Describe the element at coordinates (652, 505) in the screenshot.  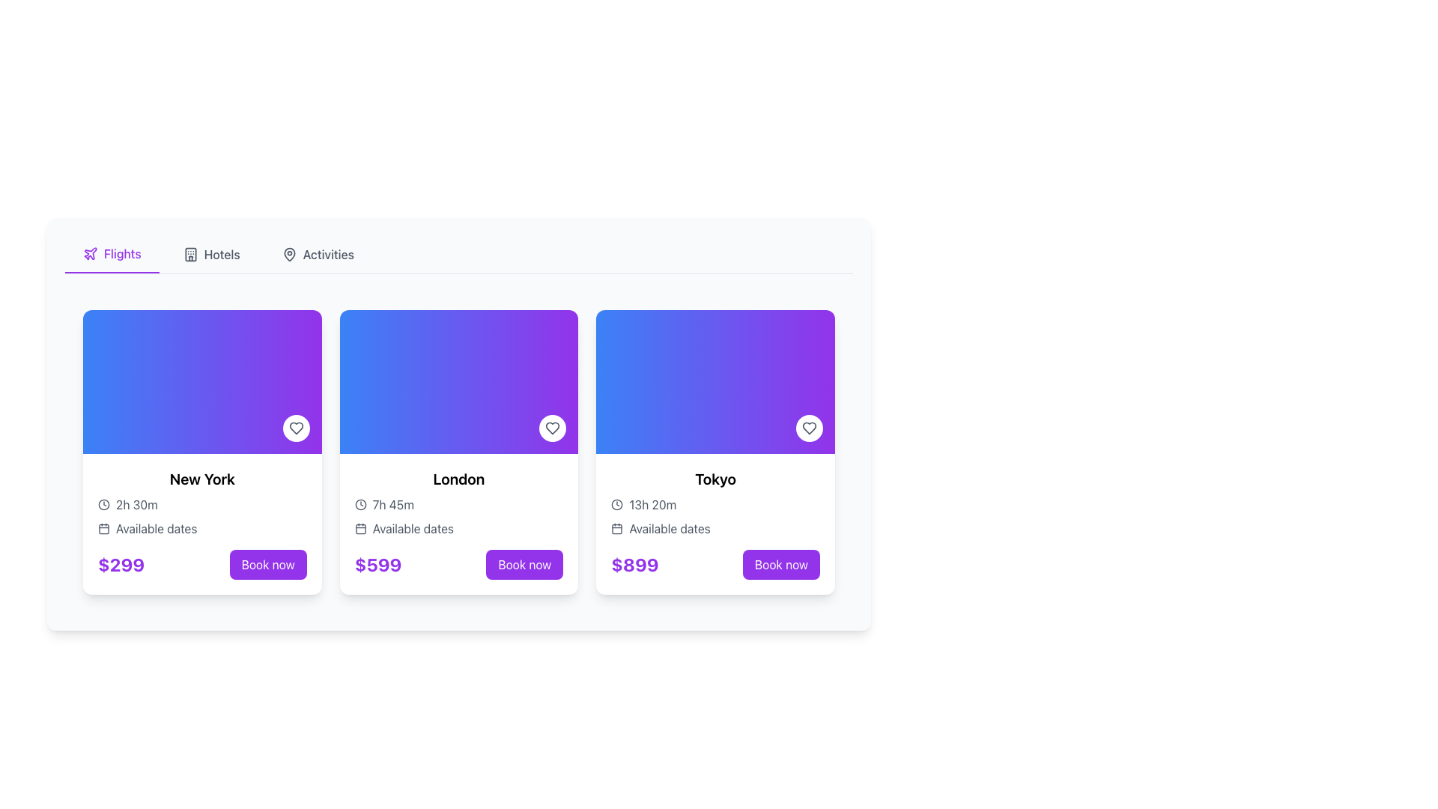
I see `the text label displaying the flight duration to Tokyo, which is located below the destination title and above the available dates text, adjacent to a clock icon` at that location.